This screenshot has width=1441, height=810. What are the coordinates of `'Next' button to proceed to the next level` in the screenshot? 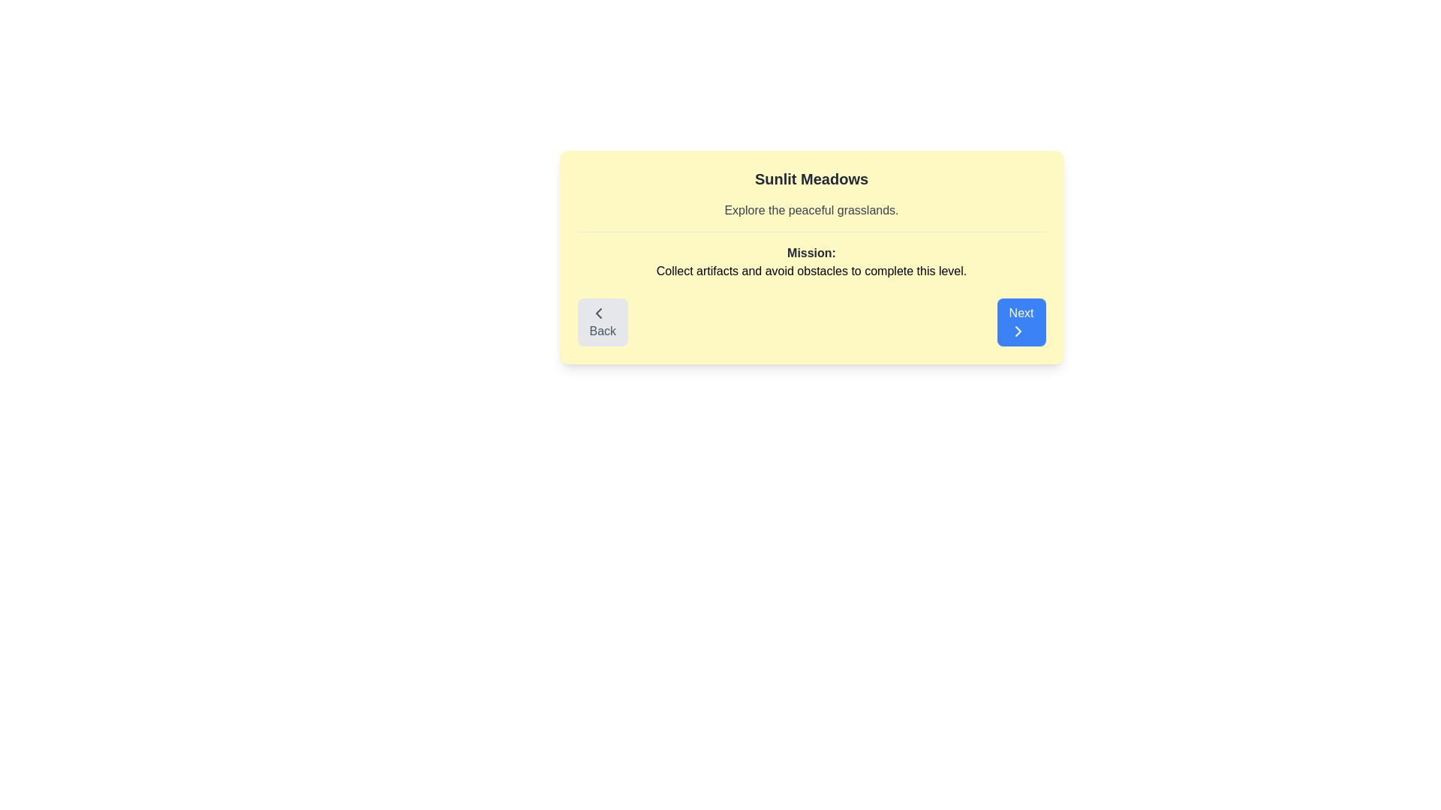 It's located at (1021, 321).